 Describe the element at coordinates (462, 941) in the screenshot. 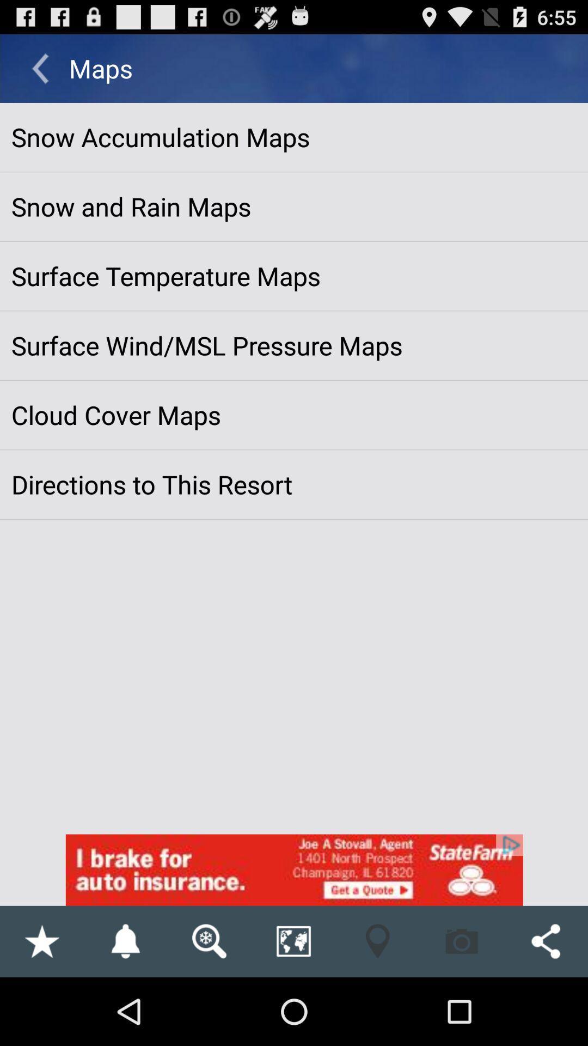

I see `this button start the camera` at that location.